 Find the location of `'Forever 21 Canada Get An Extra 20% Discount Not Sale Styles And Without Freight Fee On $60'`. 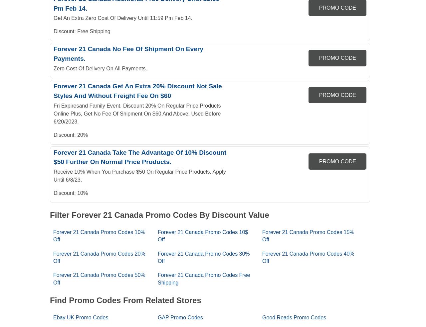

'Forever 21 Canada Get An Extra 20% Discount Not Sale Styles And Without Freight Fee On $60' is located at coordinates (137, 90).